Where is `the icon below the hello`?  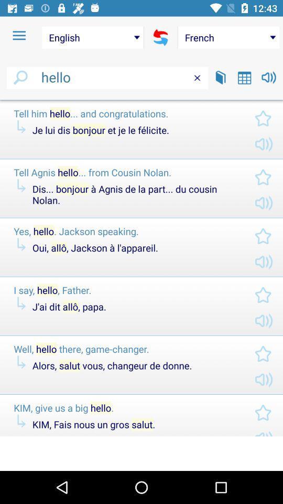
the icon below the hello is located at coordinates (141, 100).